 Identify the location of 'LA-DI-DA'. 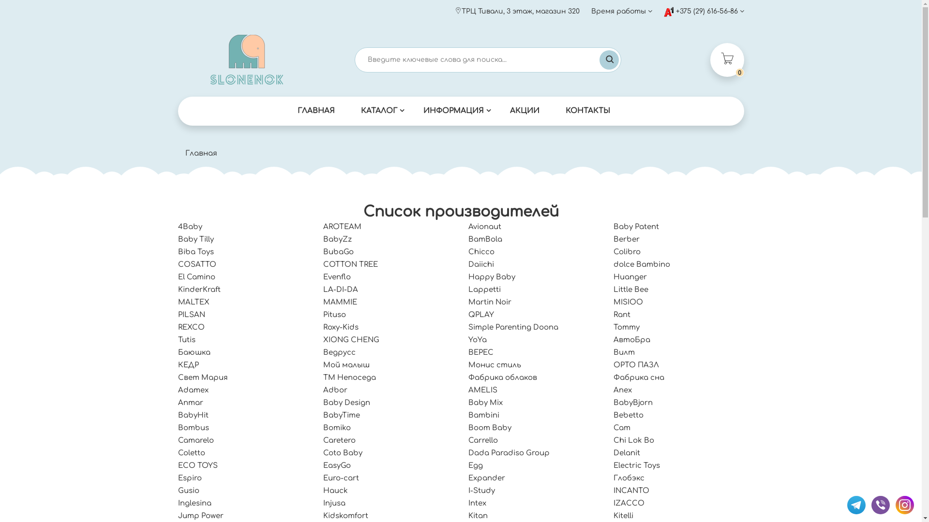
(341, 289).